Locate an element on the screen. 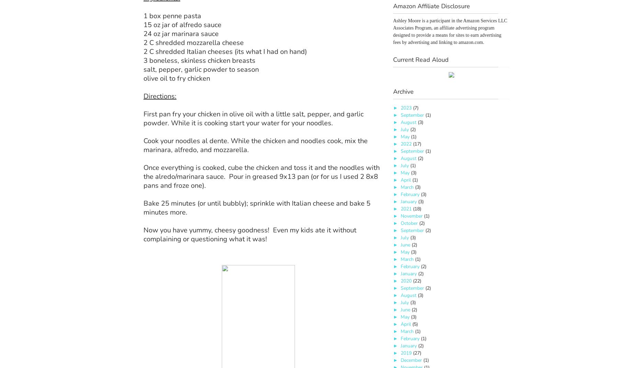  '2 C shredded Italian cheeses (its what I had on hand)' is located at coordinates (225, 51).